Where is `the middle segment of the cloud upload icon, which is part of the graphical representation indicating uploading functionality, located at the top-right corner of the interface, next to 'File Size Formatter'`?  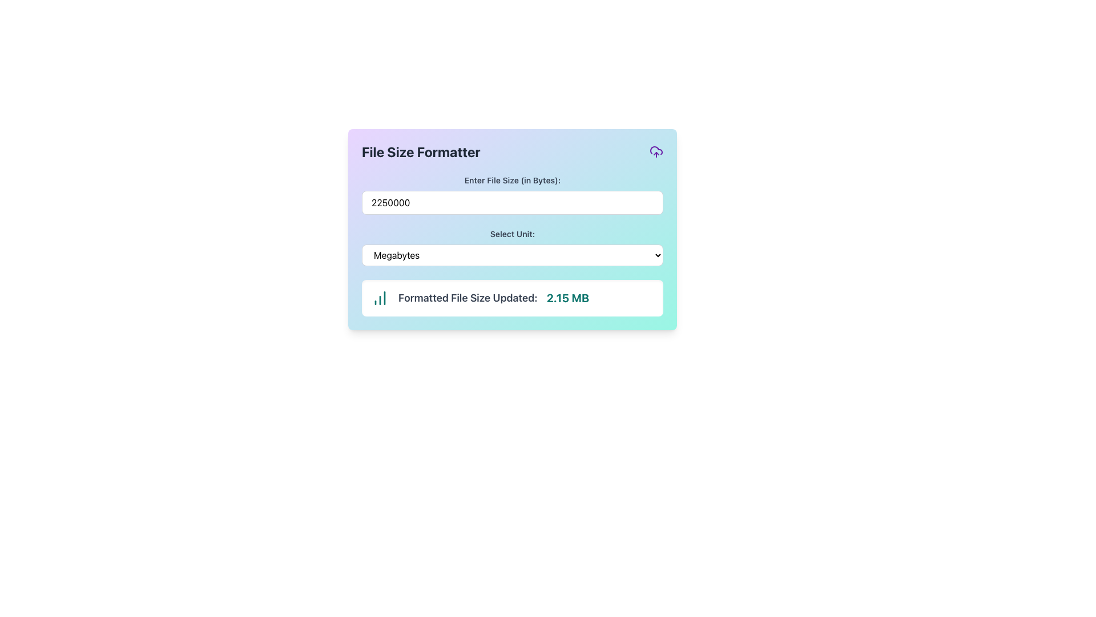
the middle segment of the cloud upload icon, which is part of the graphical representation indicating uploading functionality, located at the top-right corner of the interface, next to 'File Size Formatter' is located at coordinates (656, 150).